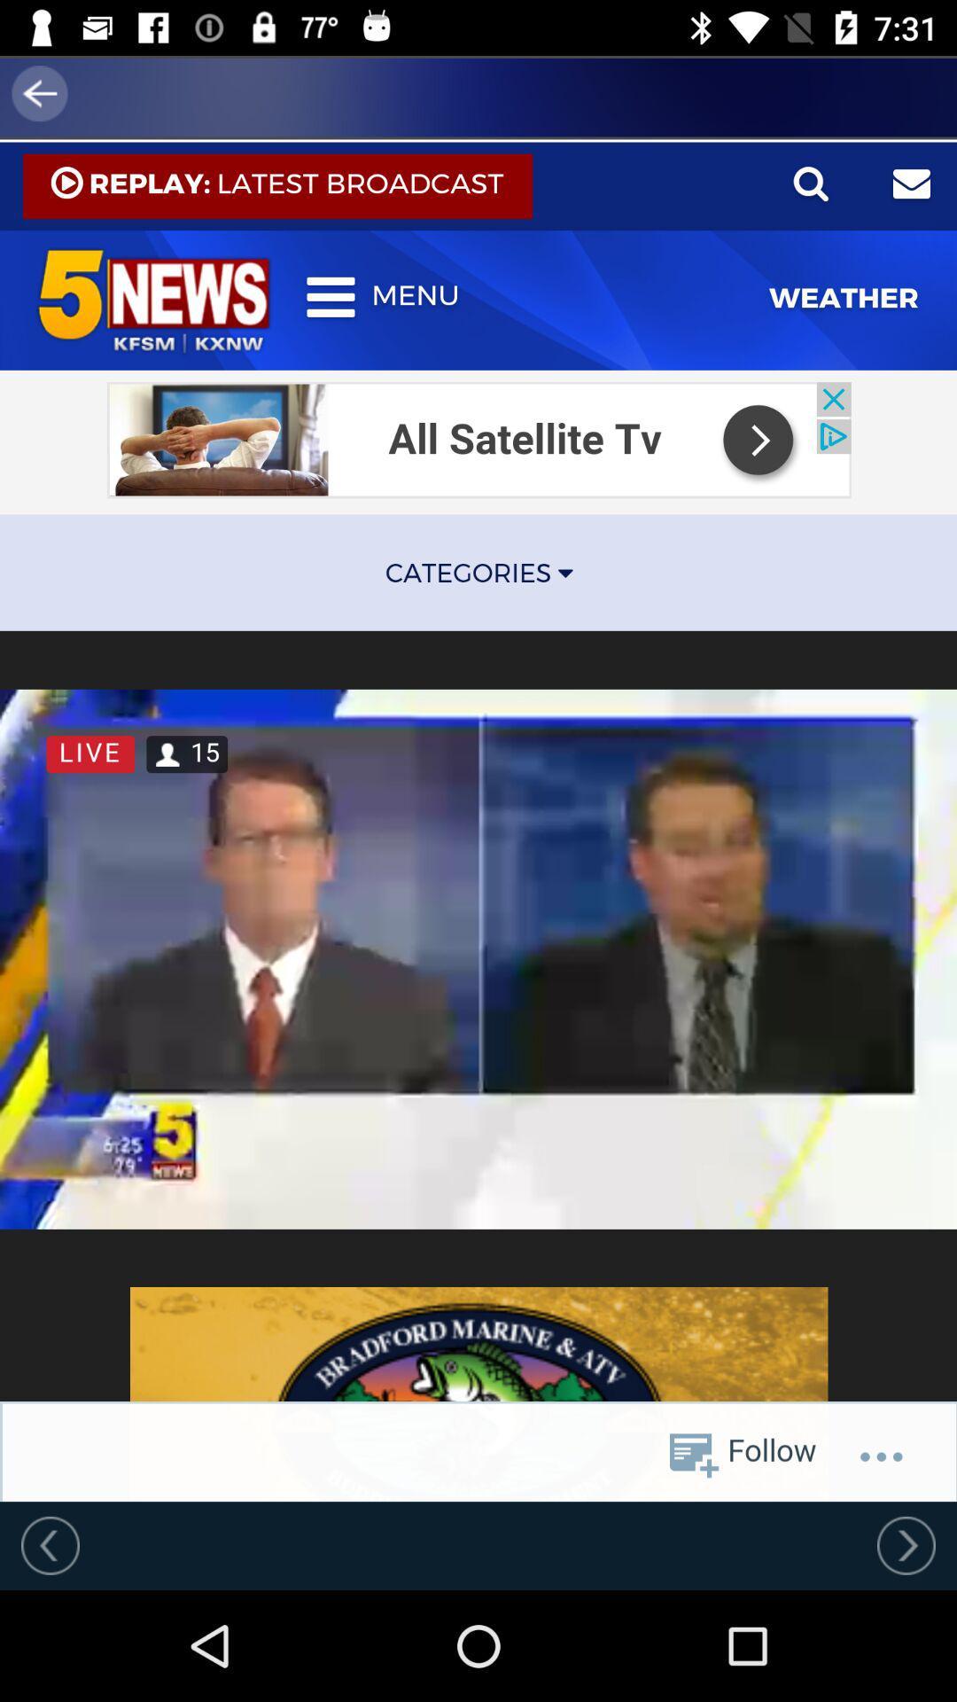  What do you see at coordinates (51, 92) in the screenshot?
I see `the arrow_backward icon` at bounding box center [51, 92].